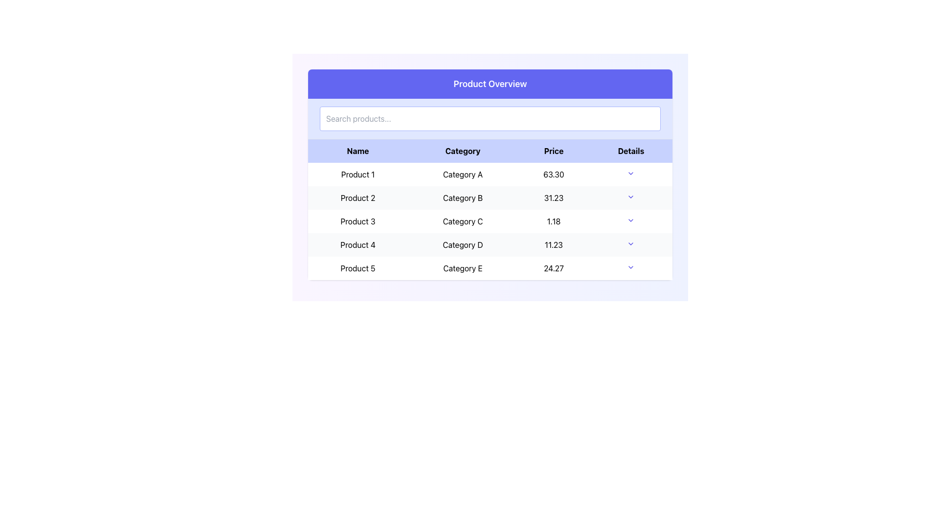  What do you see at coordinates (631, 173) in the screenshot?
I see `the Dropdown Indicator (Chevron Icon) located in the 'Details' column of the first row for 'Product 1'` at bounding box center [631, 173].